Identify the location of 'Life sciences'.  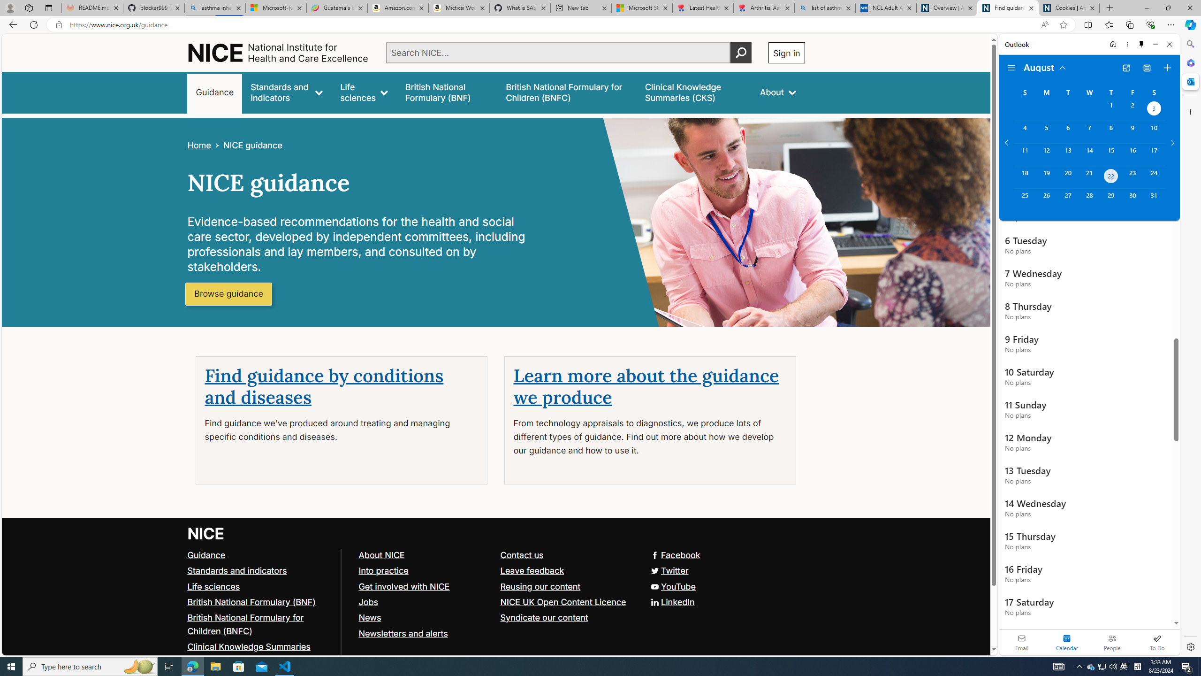
(363, 92).